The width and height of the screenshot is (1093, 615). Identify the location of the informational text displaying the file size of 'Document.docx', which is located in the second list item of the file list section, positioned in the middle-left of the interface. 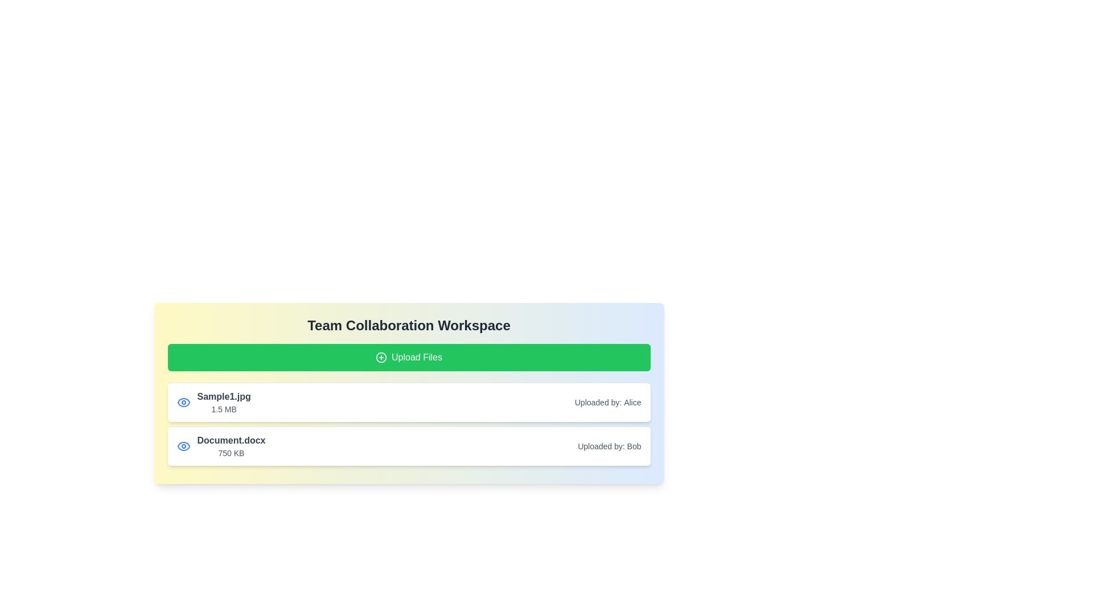
(231, 452).